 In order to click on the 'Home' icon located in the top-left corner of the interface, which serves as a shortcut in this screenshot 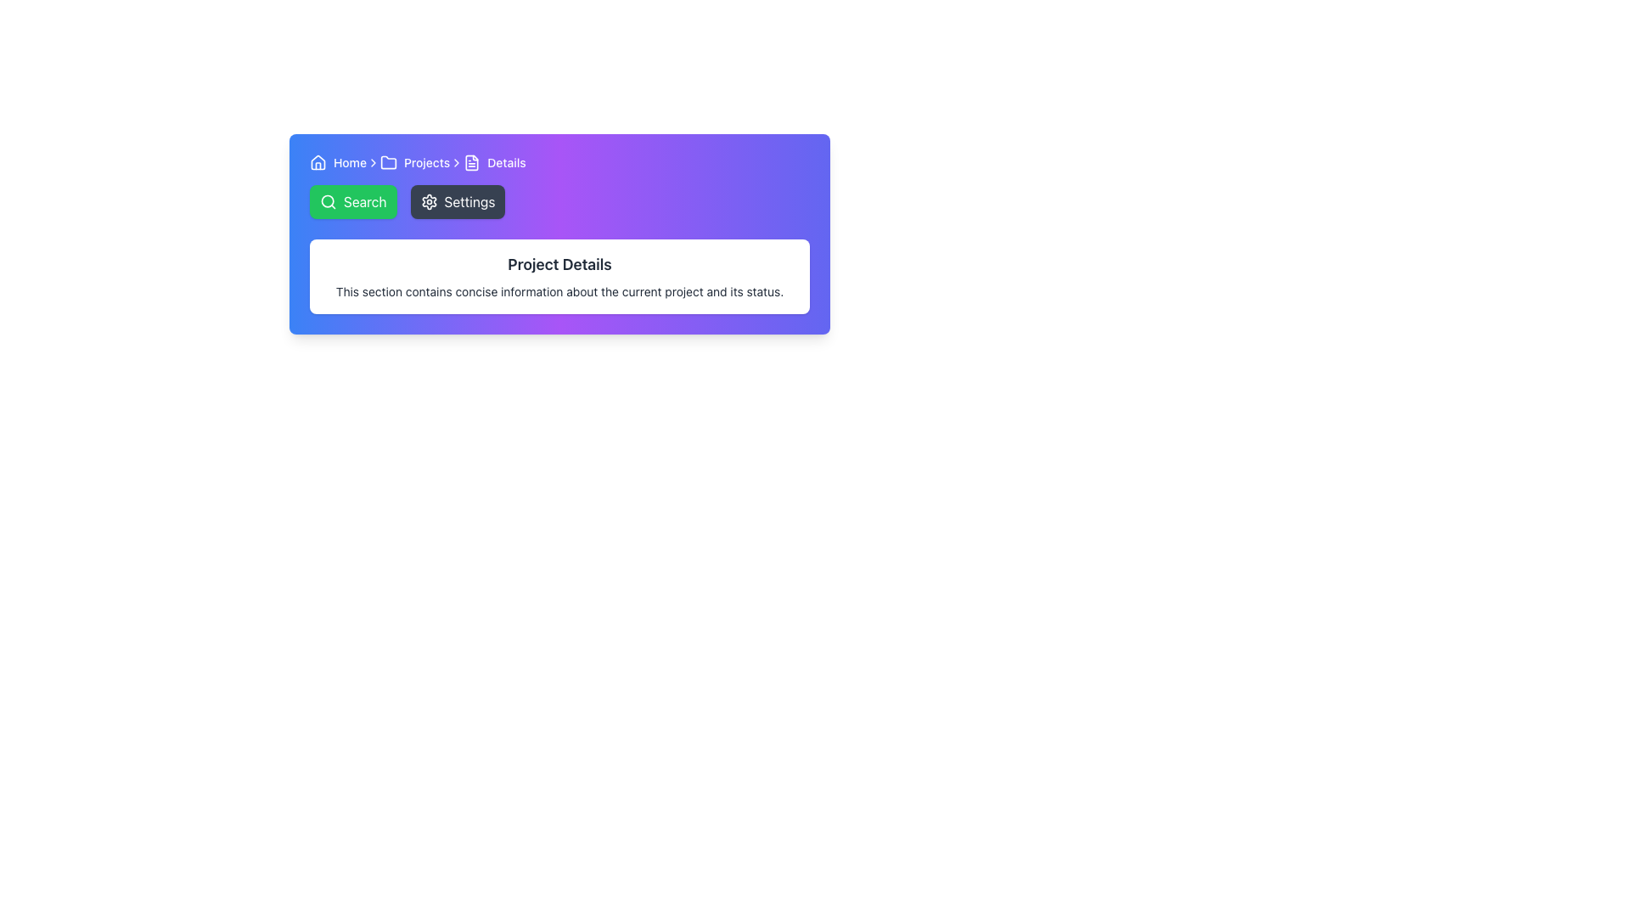, I will do `click(318, 163)`.